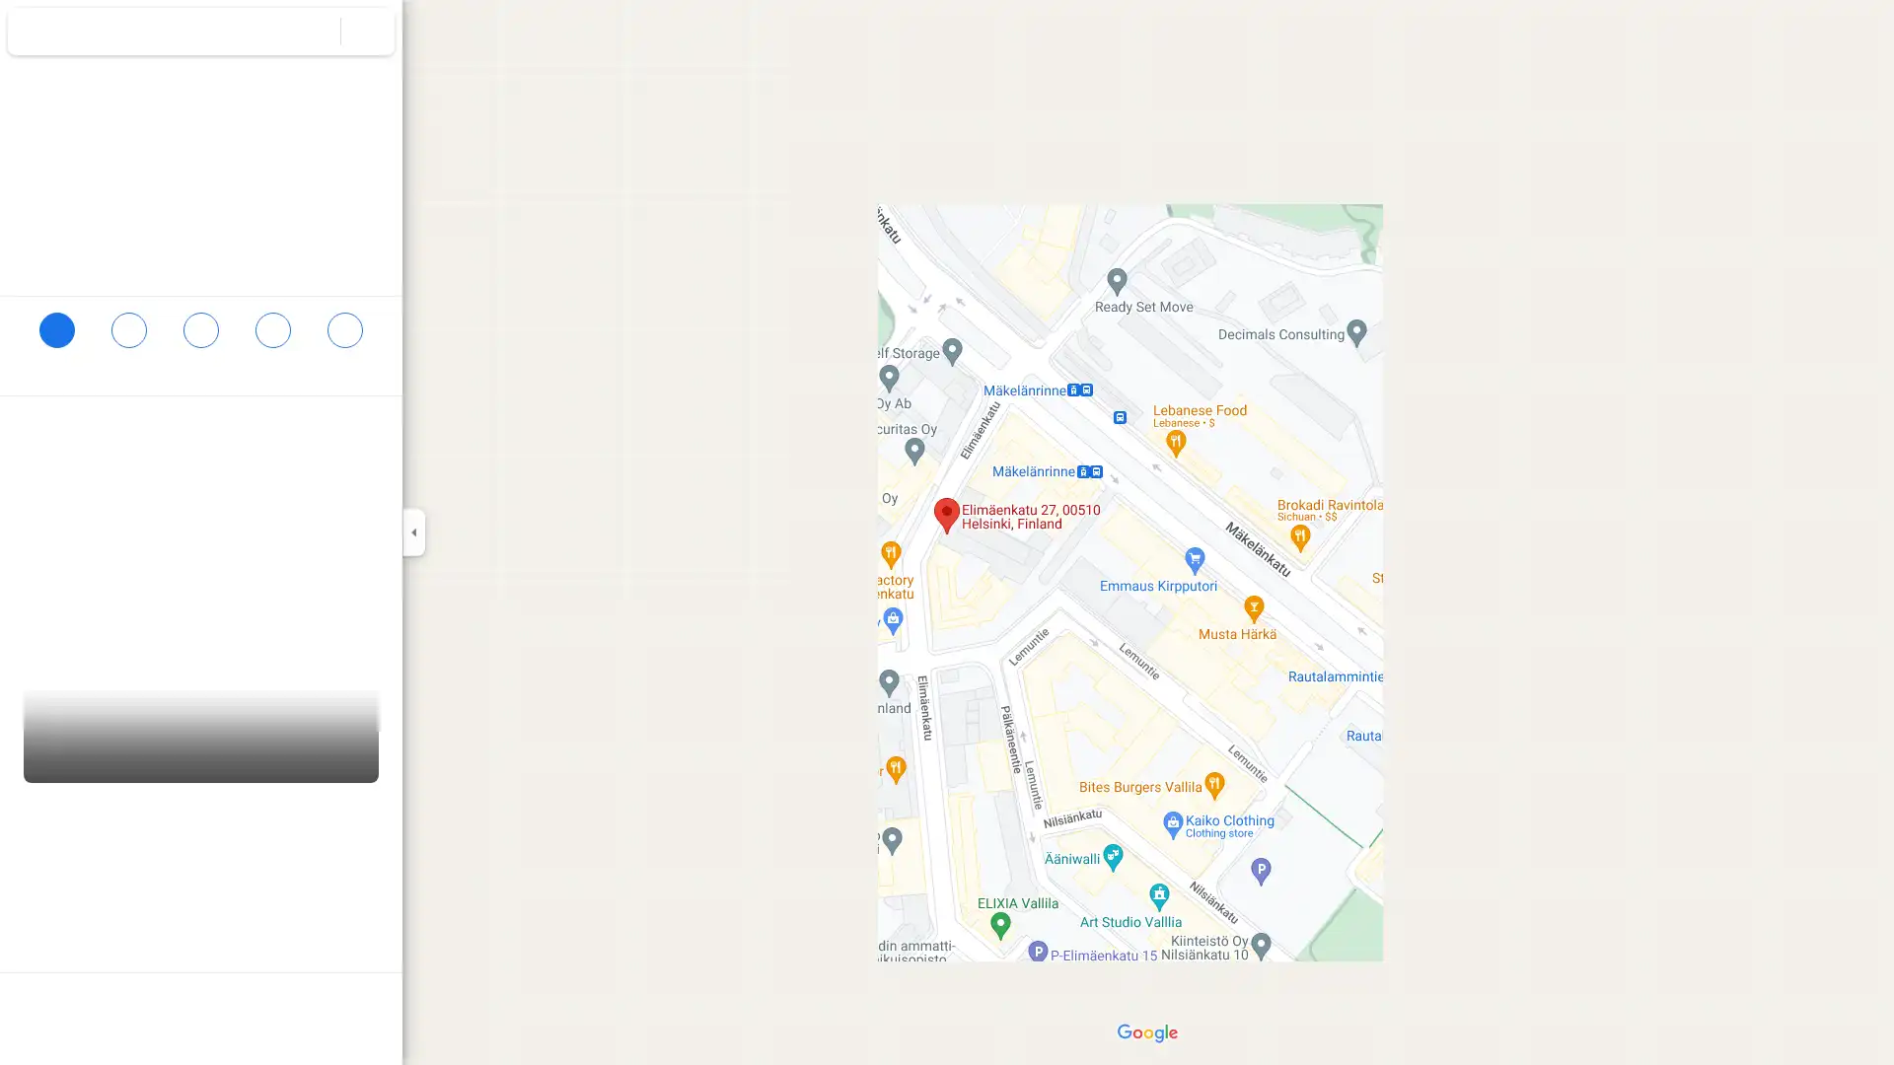  Describe the element at coordinates (313, 31) in the screenshot. I see `Search` at that location.